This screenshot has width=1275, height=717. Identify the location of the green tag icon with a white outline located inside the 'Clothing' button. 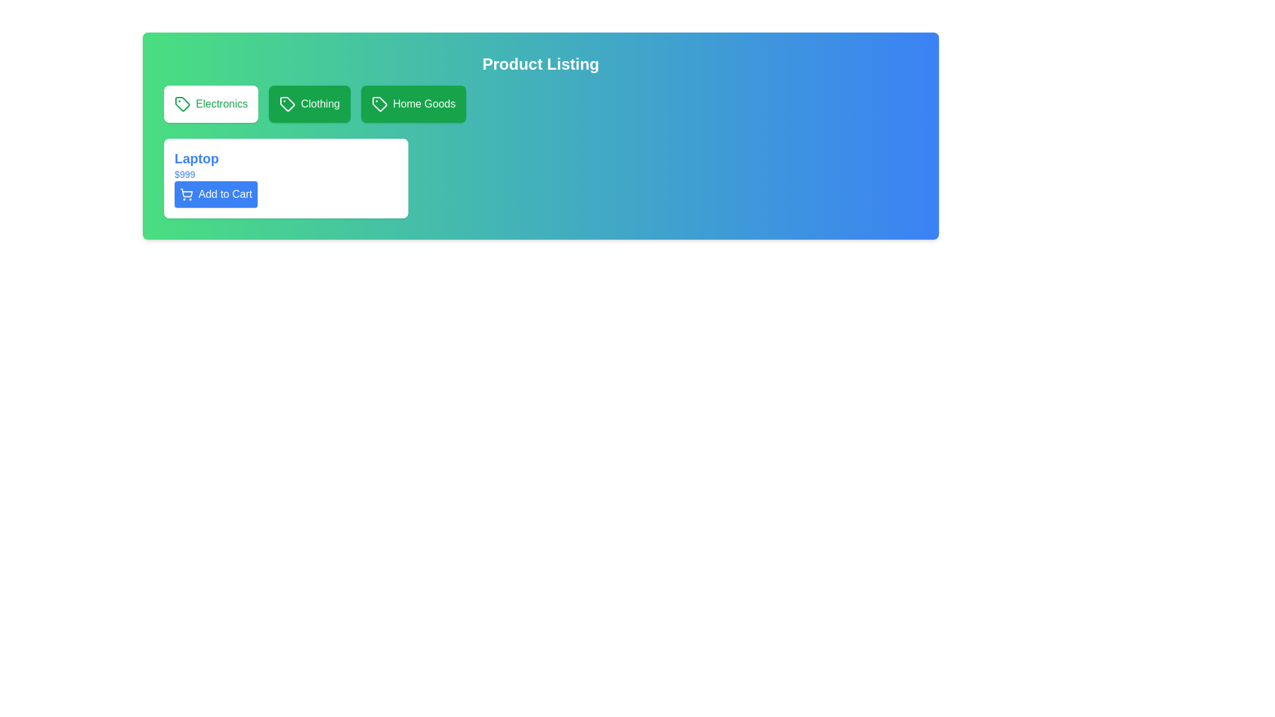
(287, 104).